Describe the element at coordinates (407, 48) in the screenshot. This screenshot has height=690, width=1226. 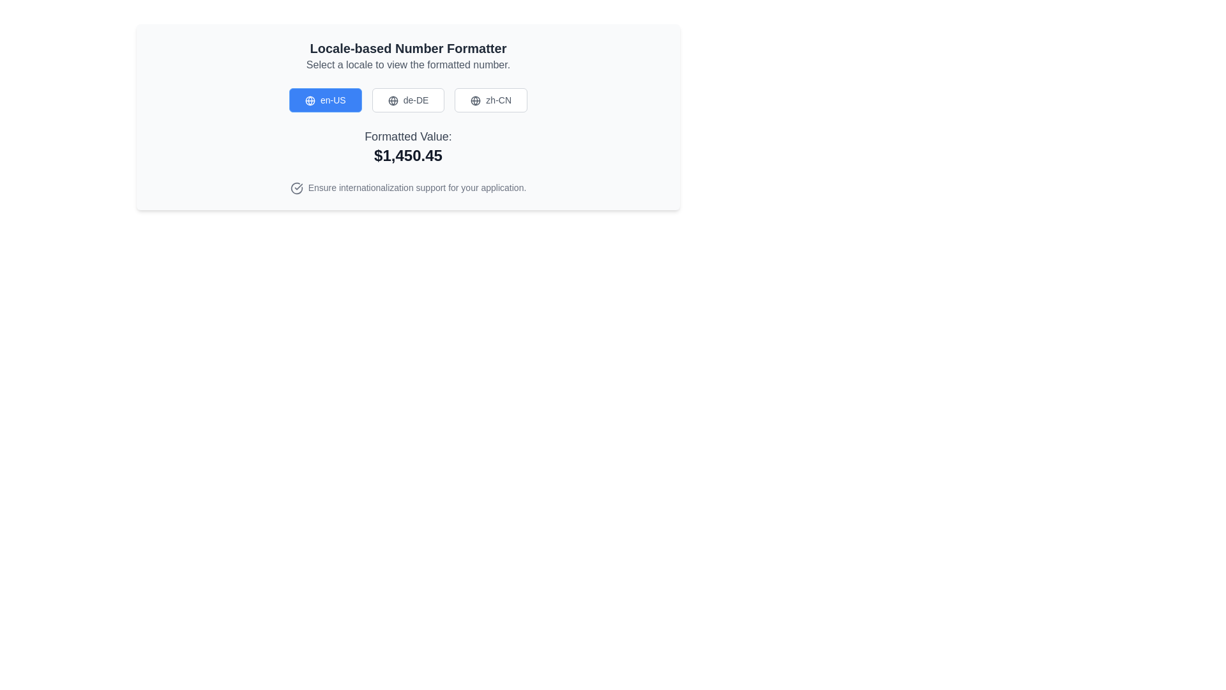
I see `the Text Label that serves as a header or title for the interface section, located at the top-center of the interface` at that location.